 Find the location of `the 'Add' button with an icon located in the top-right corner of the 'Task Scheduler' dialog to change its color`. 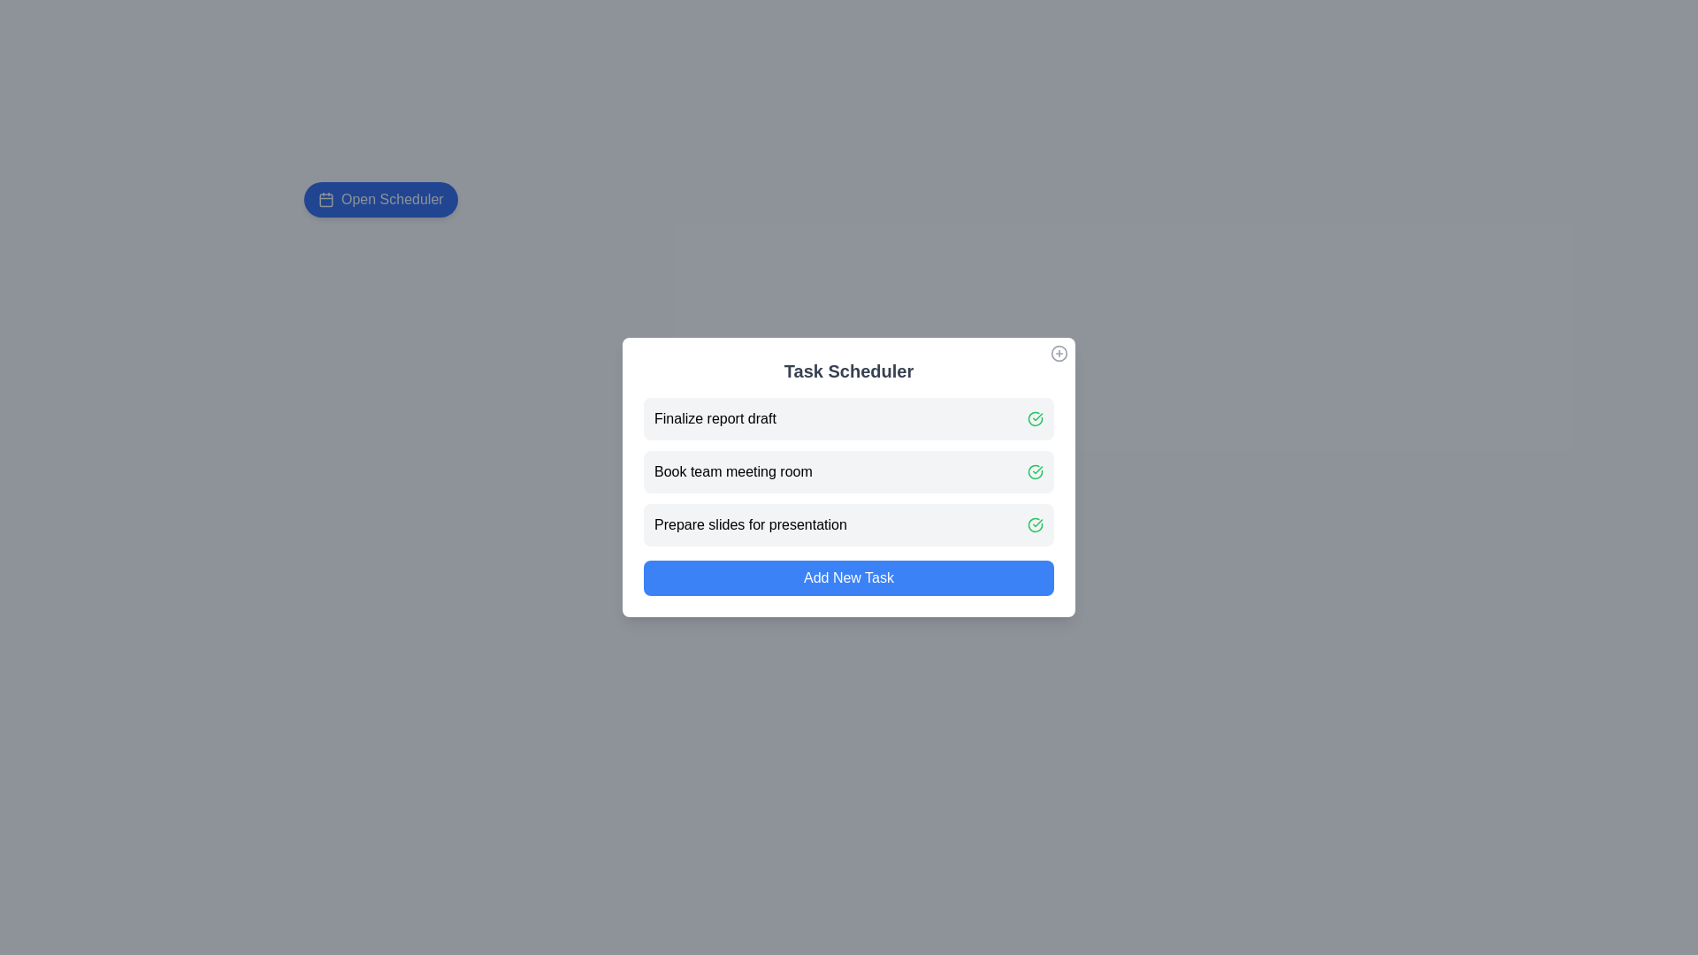

the 'Add' button with an icon located in the top-right corner of the 'Task Scheduler' dialog to change its color is located at coordinates (1059, 354).